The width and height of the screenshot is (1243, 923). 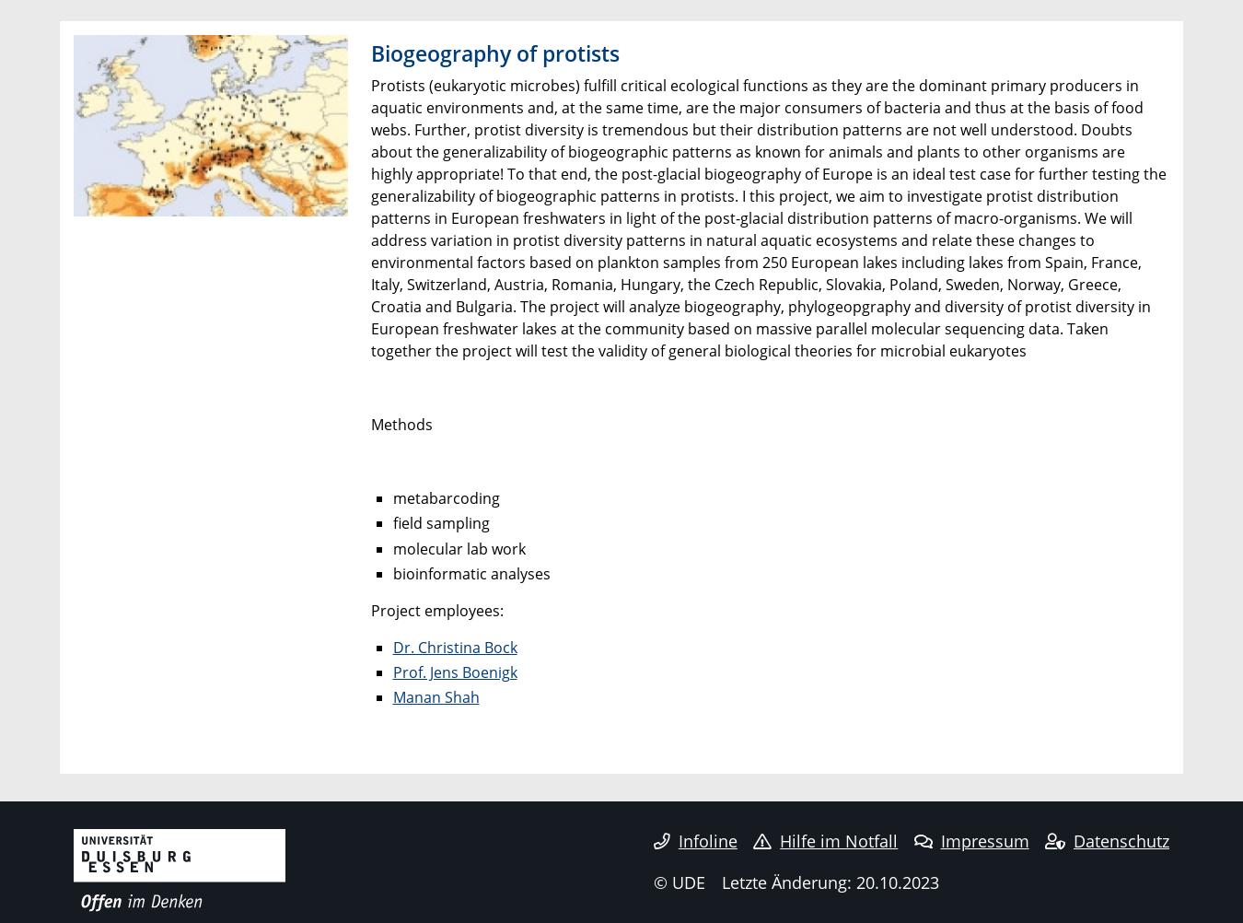 I want to click on 'molecular lab work', so click(x=392, y=546).